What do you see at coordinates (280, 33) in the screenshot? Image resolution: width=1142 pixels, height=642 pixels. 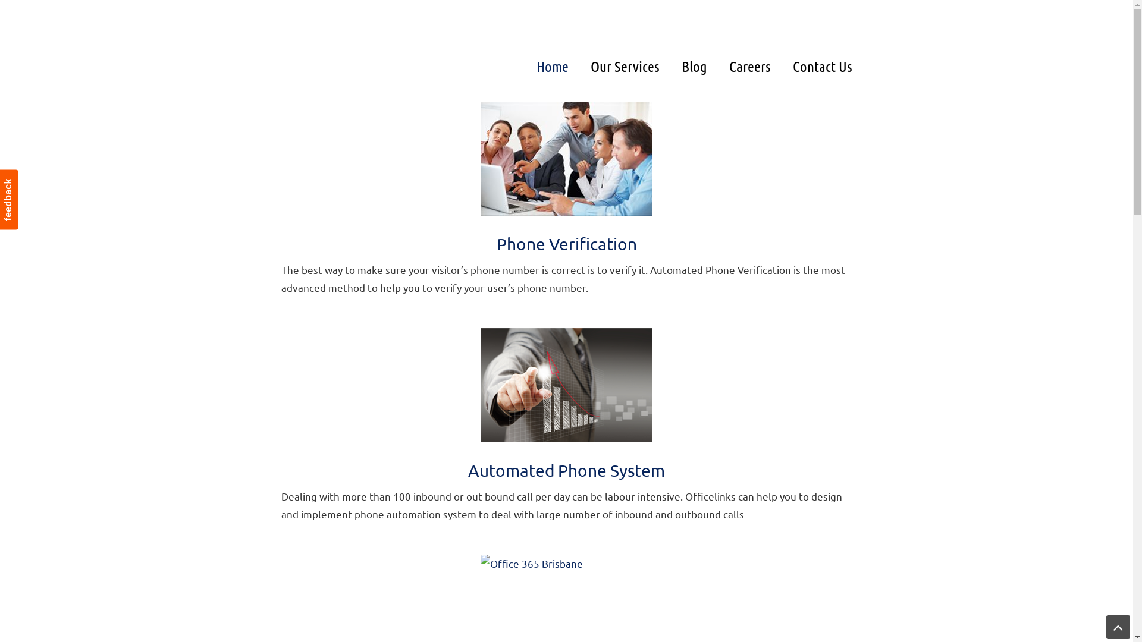 I see `'Professional IT Company'` at bounding box center [280, 33].